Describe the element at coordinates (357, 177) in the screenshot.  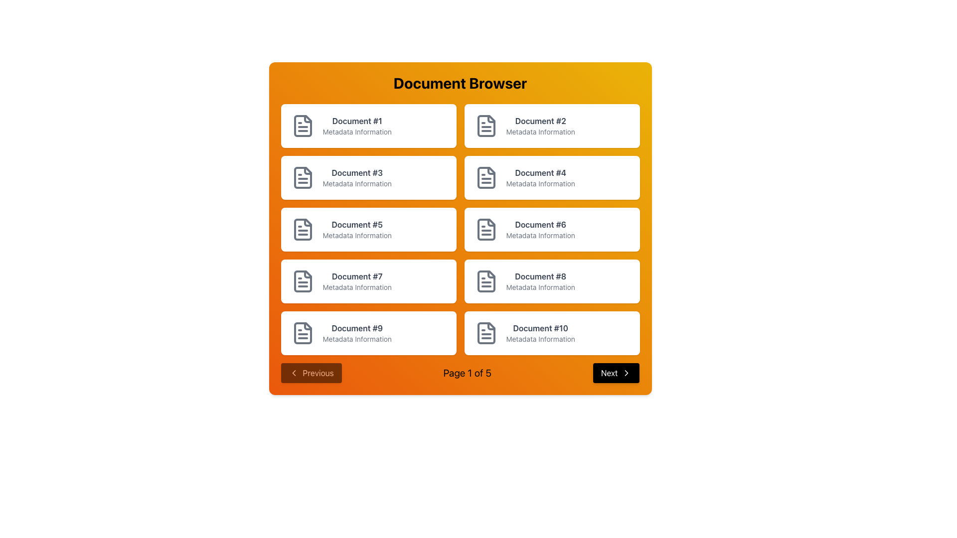
I see `the header text label that provides identification and additional information about the content of the card, located in the third position of the left column in the grid layout` at that location.